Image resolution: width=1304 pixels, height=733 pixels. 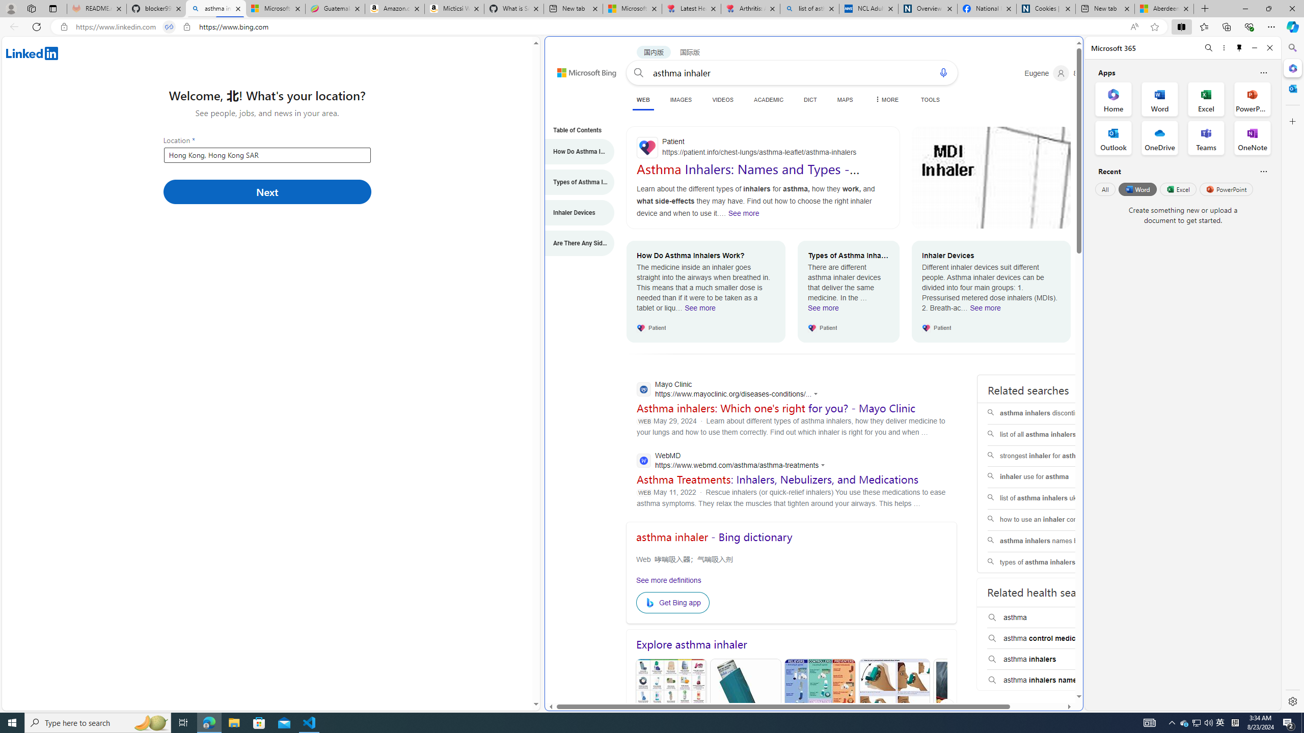 What do you see at coordinates (845, 99) in the screenshot?
I see `'MAPS'` at bounding box center [845, 99].